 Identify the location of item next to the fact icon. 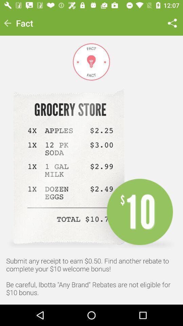
(7, 23).